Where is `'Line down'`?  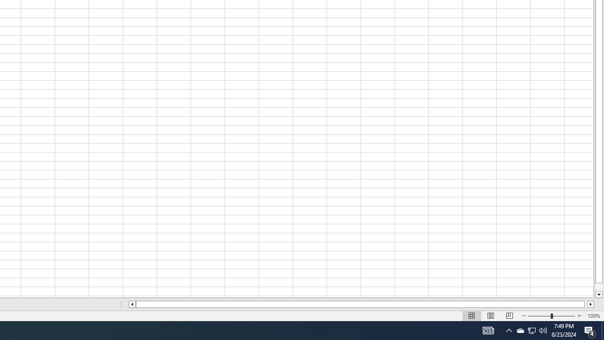 'Line down' is located at coordinates (598, 294).